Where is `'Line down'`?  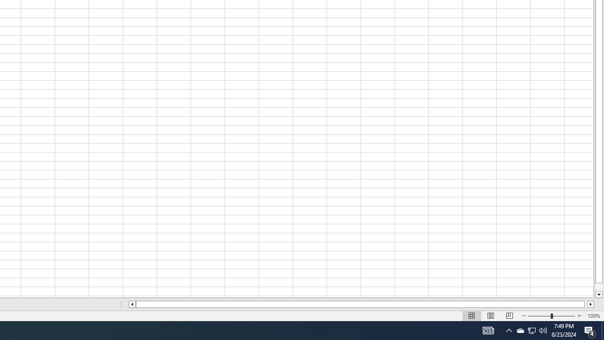 'Line down' is located at coordinates (598, 294).